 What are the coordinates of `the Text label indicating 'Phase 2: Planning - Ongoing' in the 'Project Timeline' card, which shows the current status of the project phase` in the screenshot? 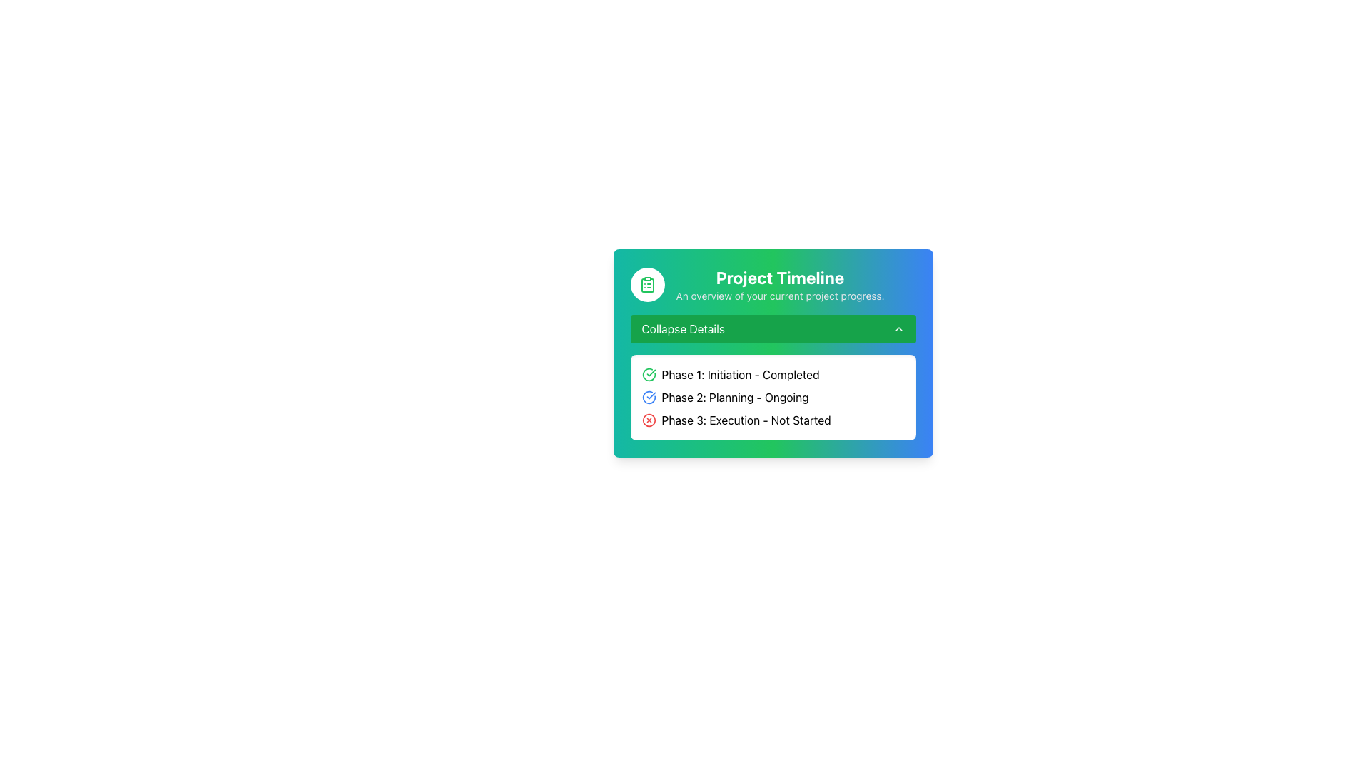 It's located at (735, 397).